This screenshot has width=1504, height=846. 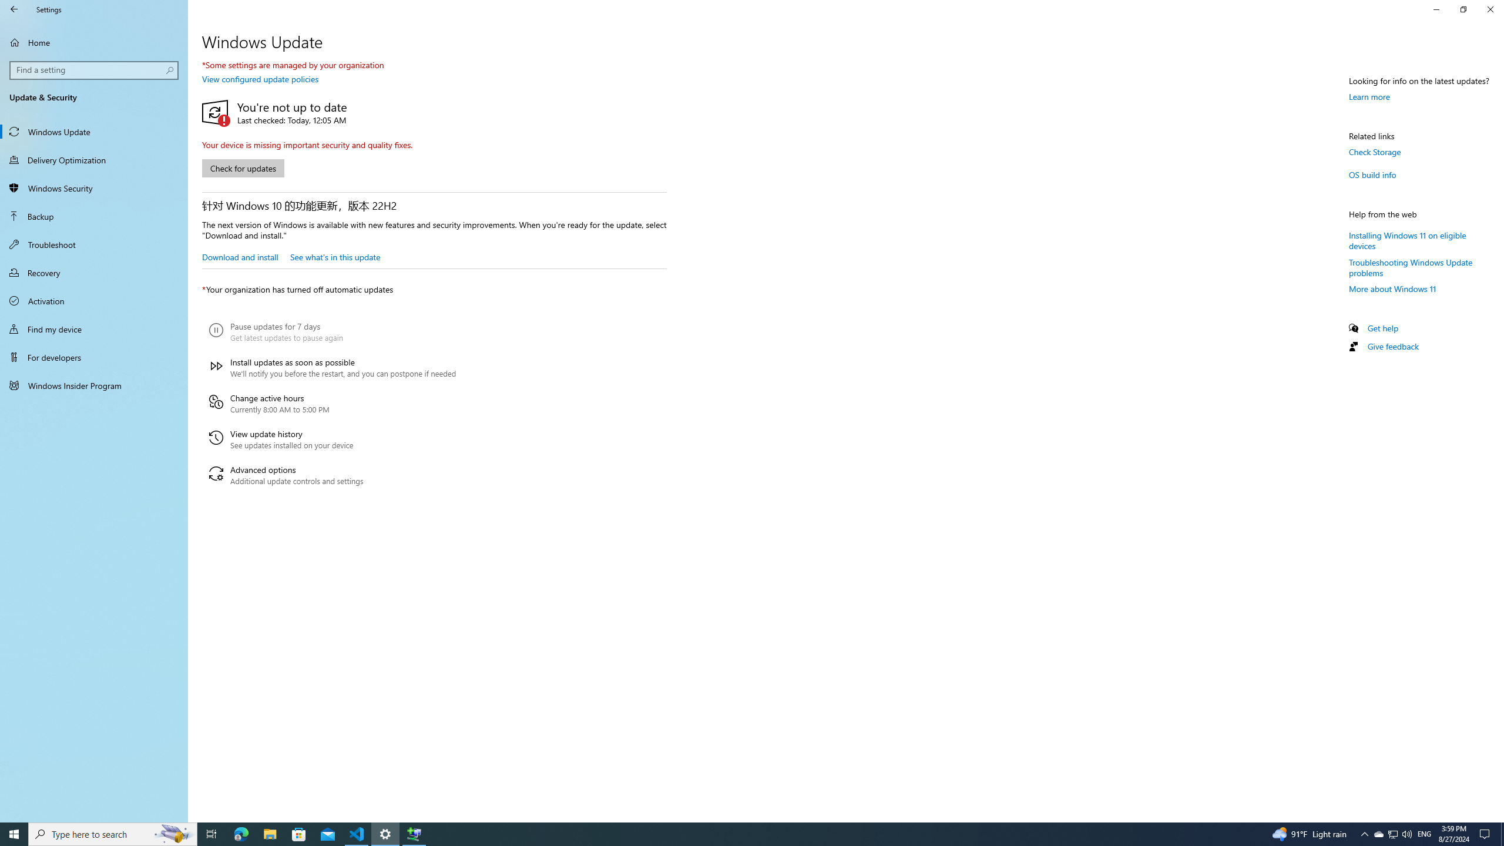 What do you see at coordinates (93, 187) in the screenshot?
I see `'Windows Security'` at bounding box center [93, 187].